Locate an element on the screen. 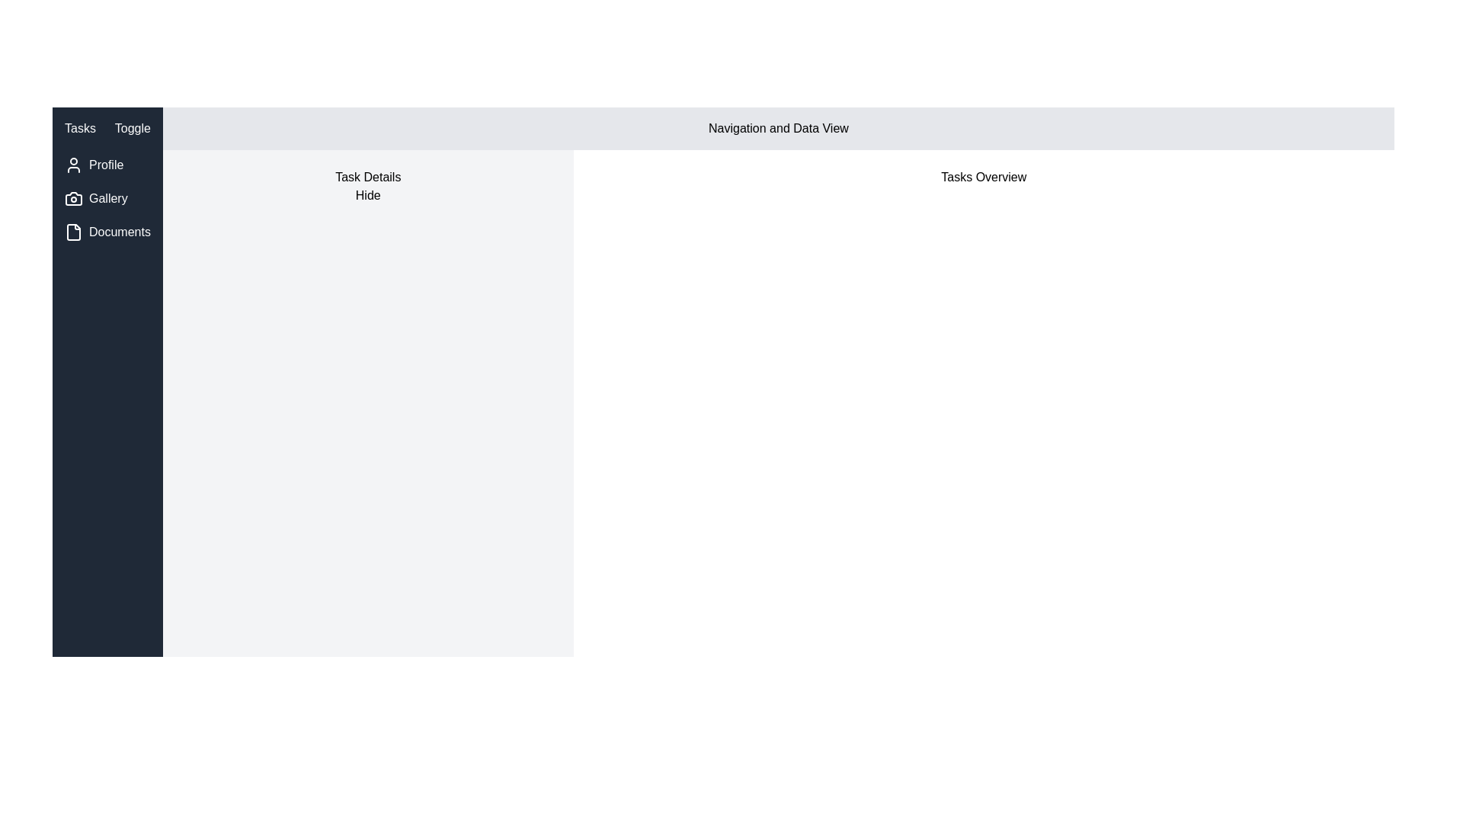 This screenshot has height=823, width=1463. the 'Profile' button in the vertical navigation bar at the top-left side of the interface to trigger a tooltip or highlight effect is located at coordinates (107, 165).